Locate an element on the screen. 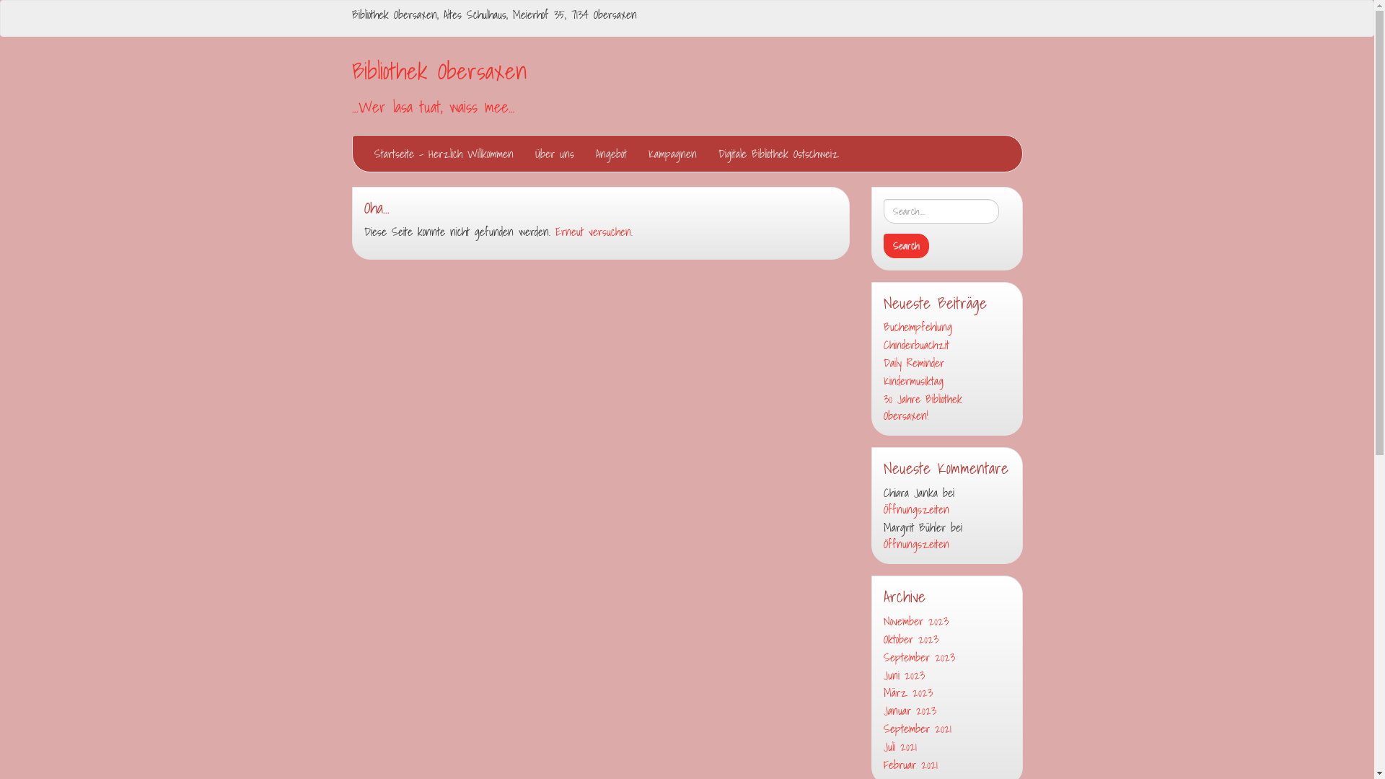  '30 Jahre Bibliothek Obersaxen!' is located at coordinates (946, 407).